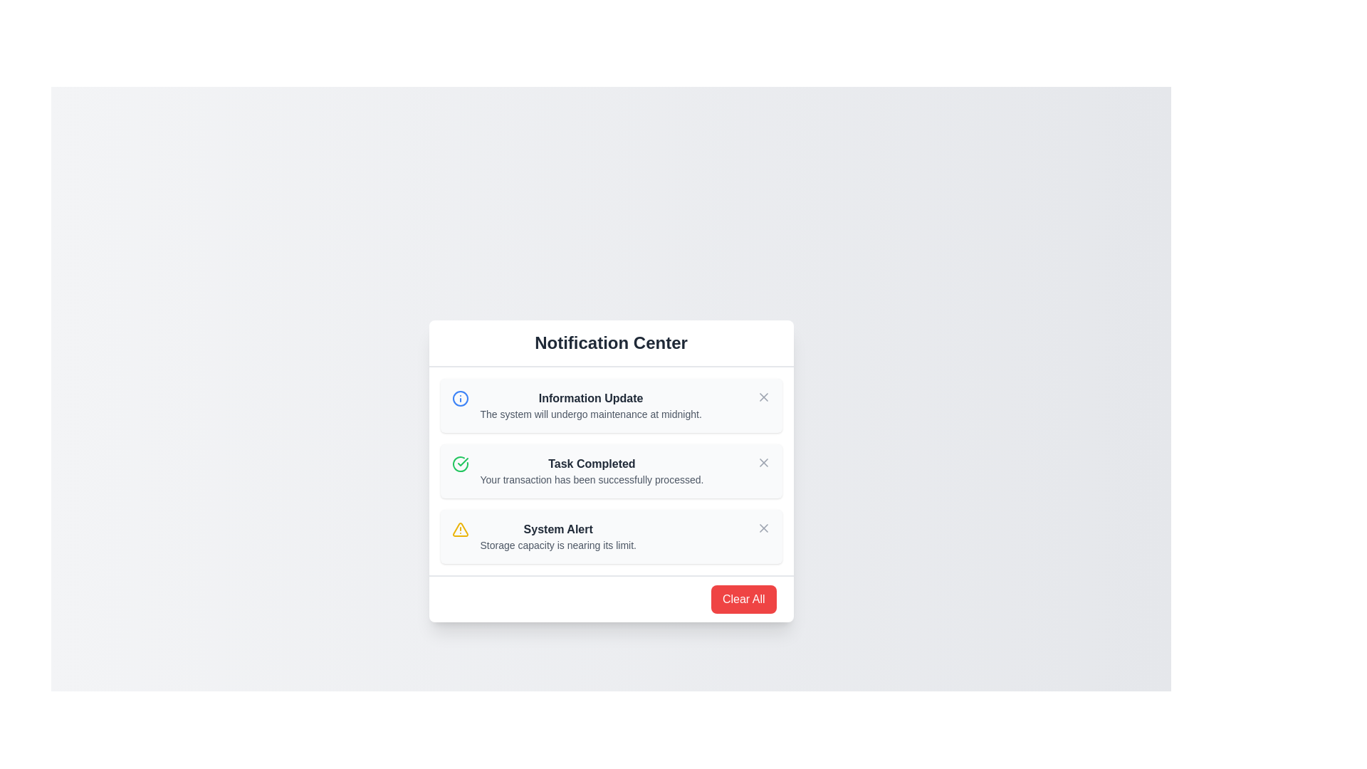 The height and width of the screenshot is (769, 1367). Describe the element at coordinates (763, 528) in the screenshot. I see `the close button with an 'X' mark located at the top right corner of the 'System Alert' notification item in the Notification Center panel` at that location.